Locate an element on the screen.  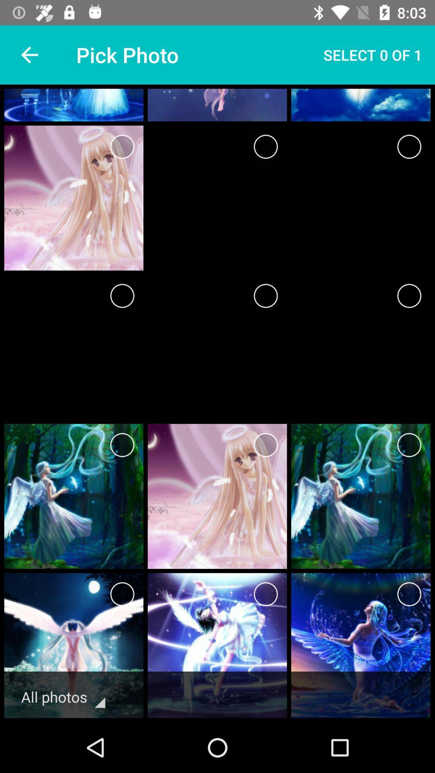
photo is located at coordinates (265, 444).